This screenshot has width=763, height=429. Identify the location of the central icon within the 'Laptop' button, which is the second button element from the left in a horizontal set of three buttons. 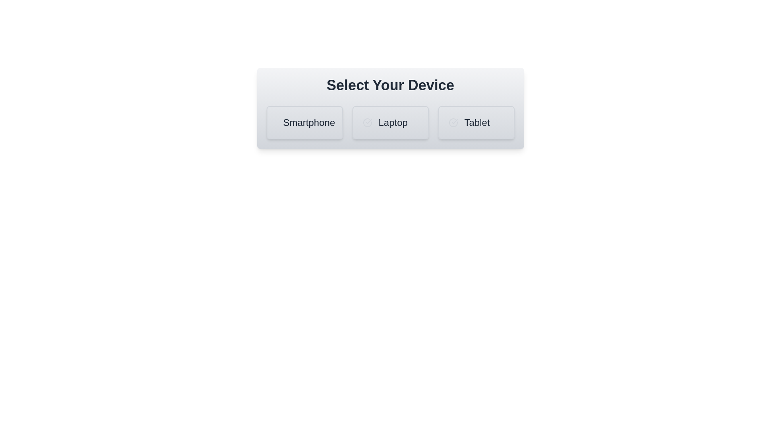
(368, 121).